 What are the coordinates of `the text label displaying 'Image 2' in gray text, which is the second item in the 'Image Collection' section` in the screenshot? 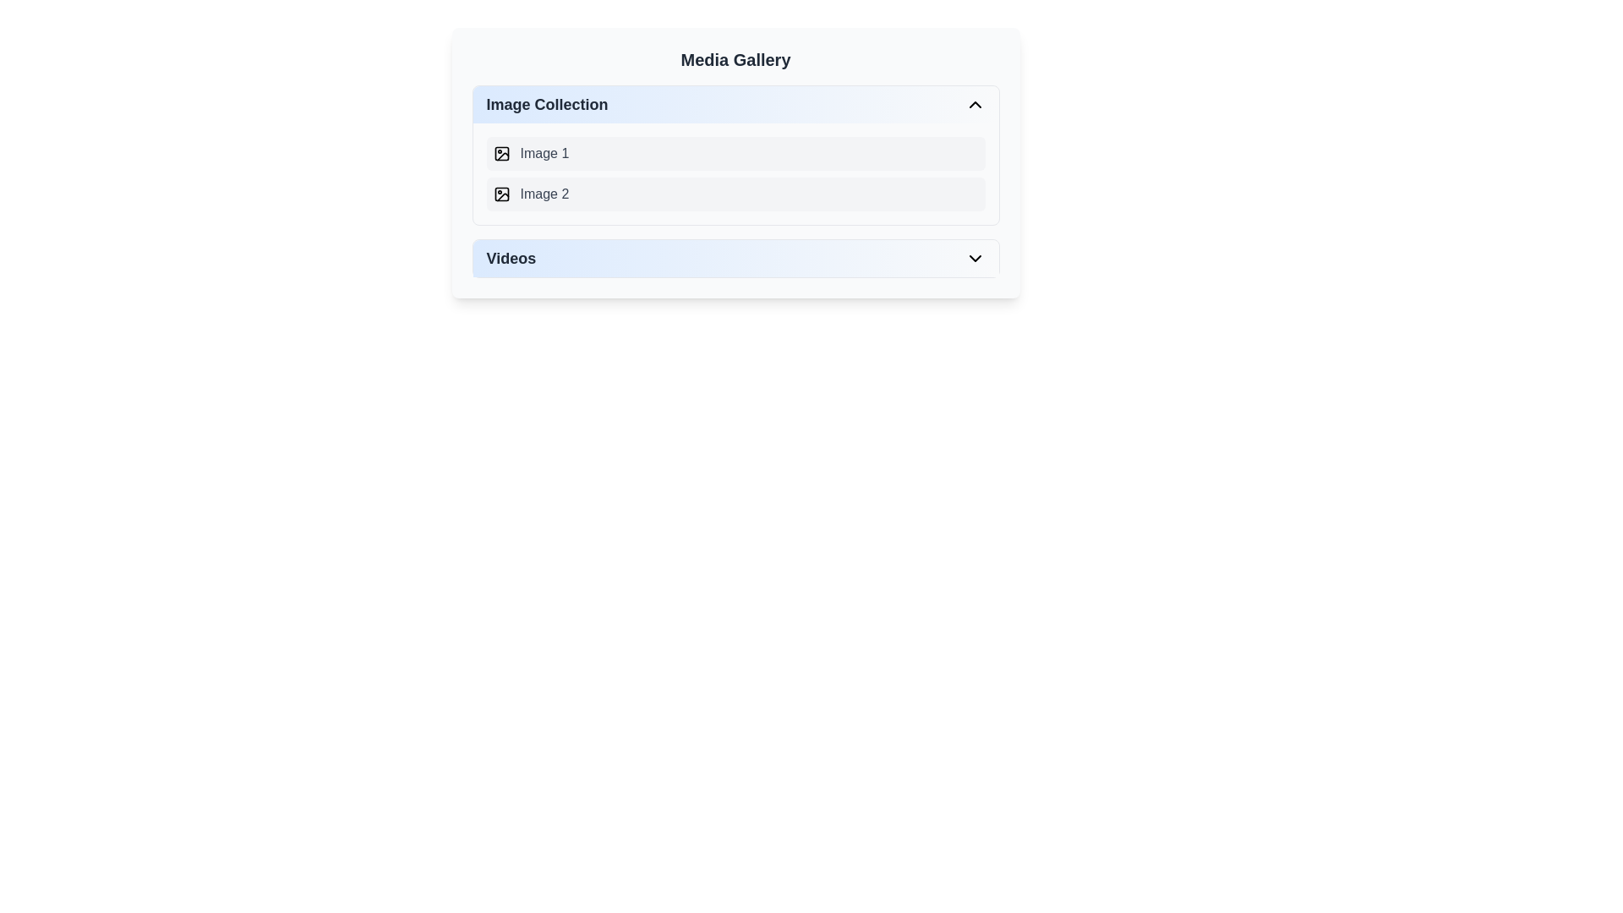 It's located at (544, 194).